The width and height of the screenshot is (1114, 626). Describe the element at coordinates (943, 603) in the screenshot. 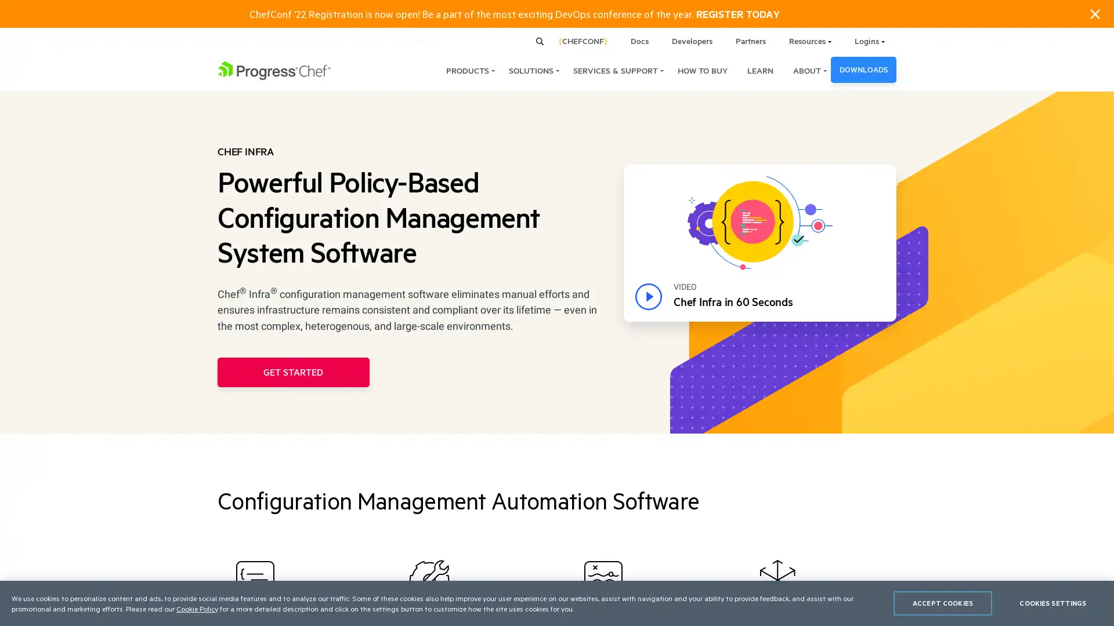

I see `ACCEPT COOKIES` at that location.